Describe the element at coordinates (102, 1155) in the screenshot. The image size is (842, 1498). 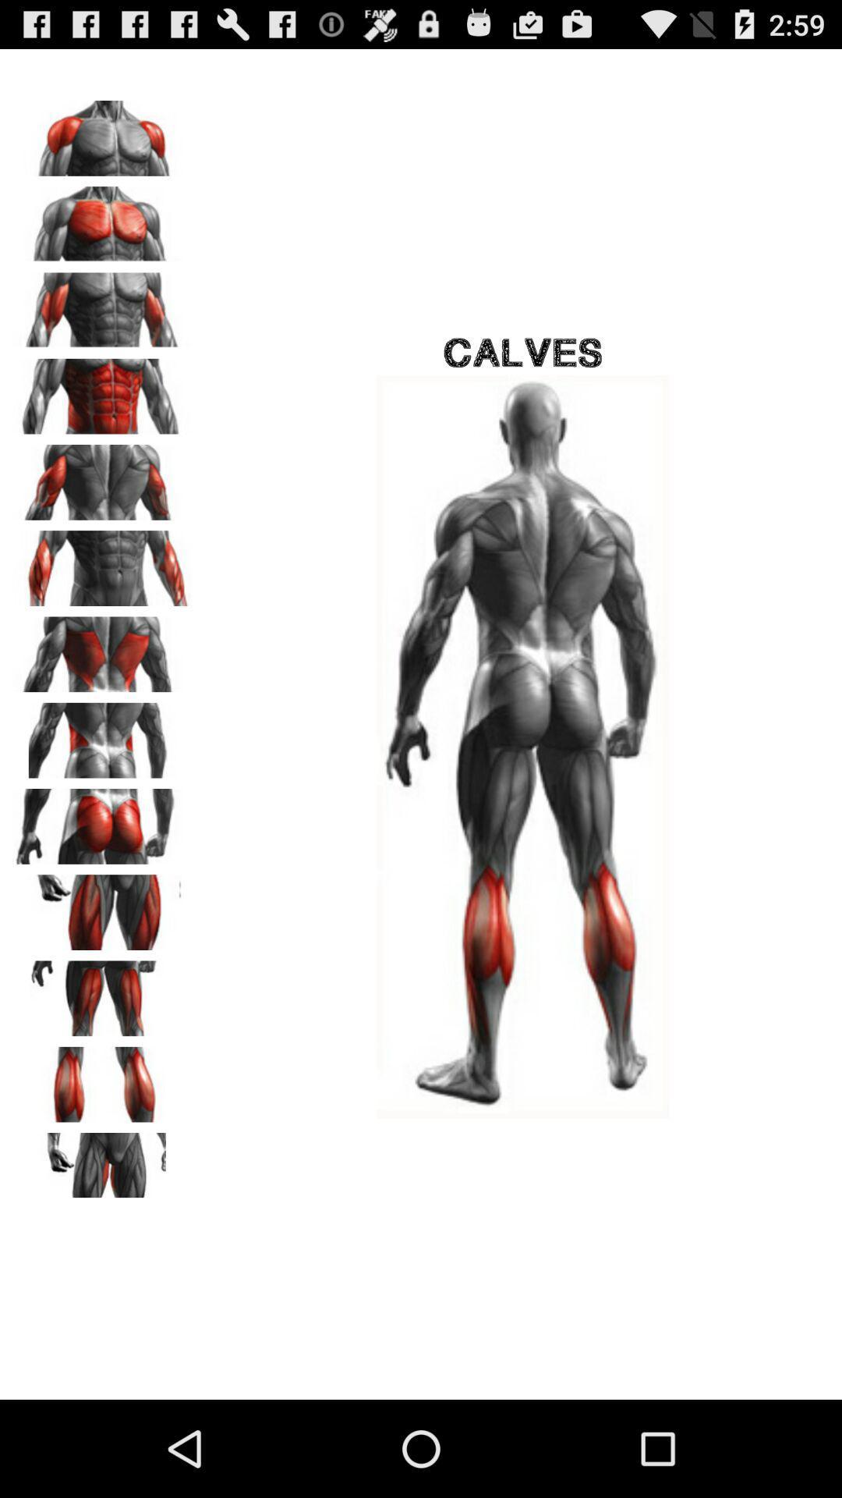
I see `the pause icon` at that location.